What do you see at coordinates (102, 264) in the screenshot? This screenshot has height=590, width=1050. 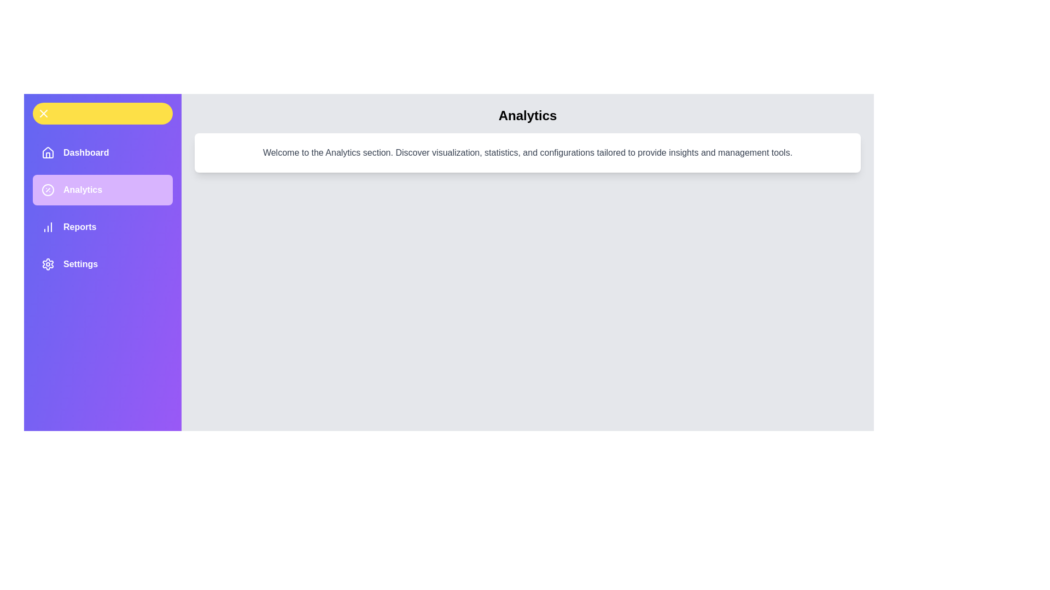 I see `the menu item labeled Settings to observe its hover effect` at bounding box center [102, 264].